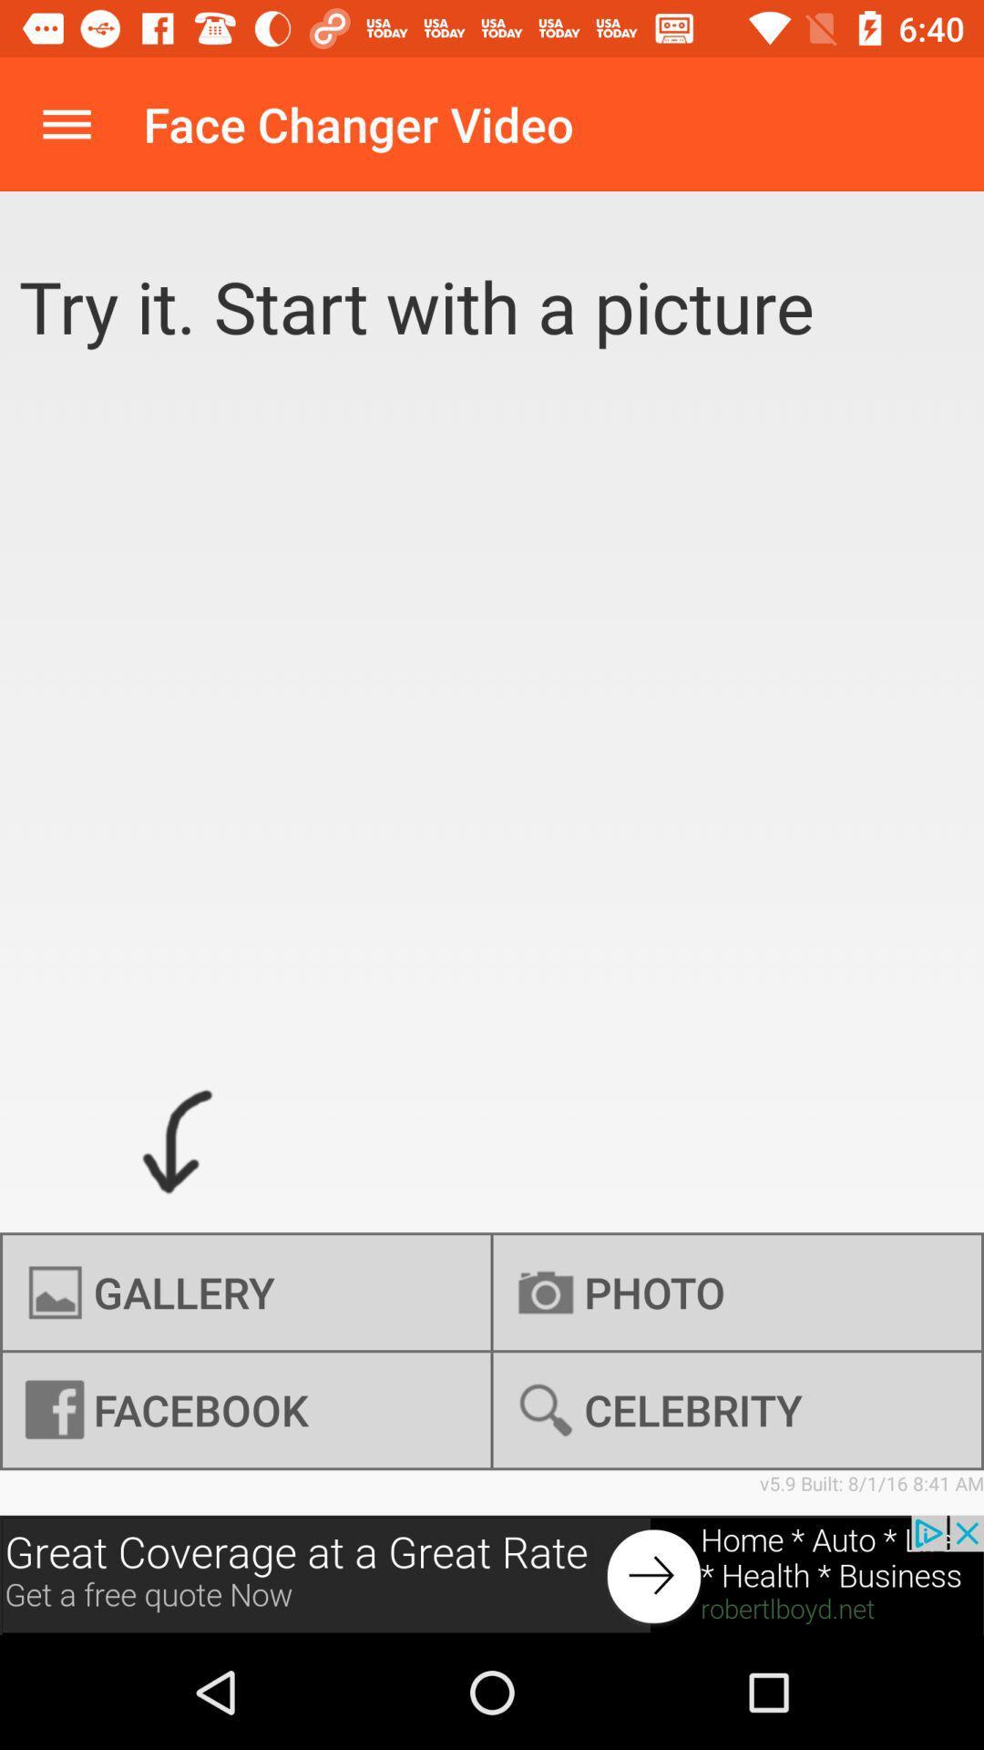 This screenshot has height=1750, width=984. I want to click on show app options, so click(66, 123).